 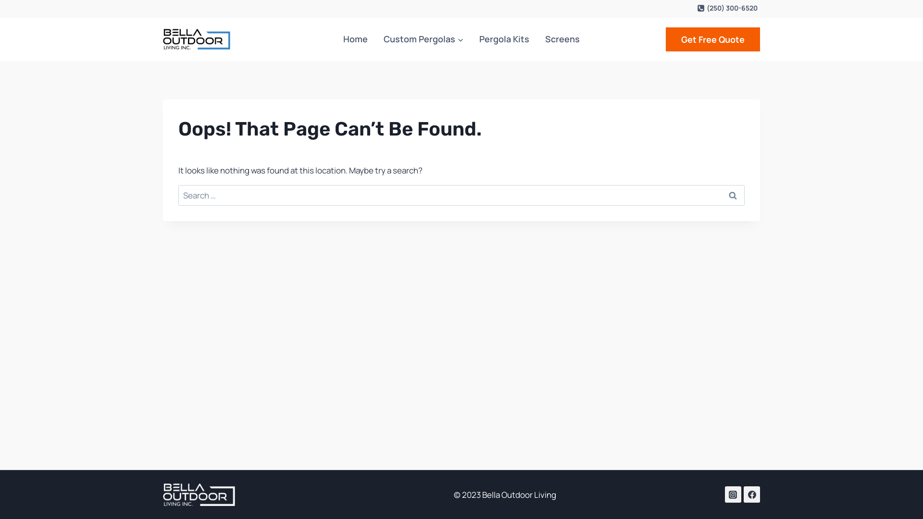 I want to click on 'Search', so click(x=732, y=195).